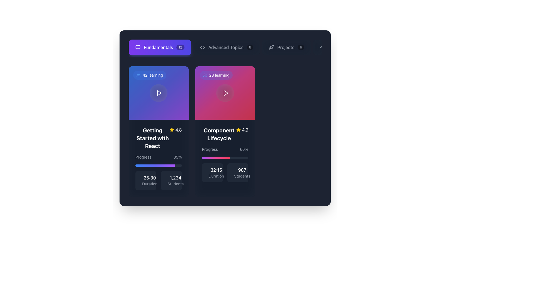 The image size is (535, 301). What do you see at coordinates (138, 47) in the screenshot?
I see `the open book icon` at bounding box center [138, 47].